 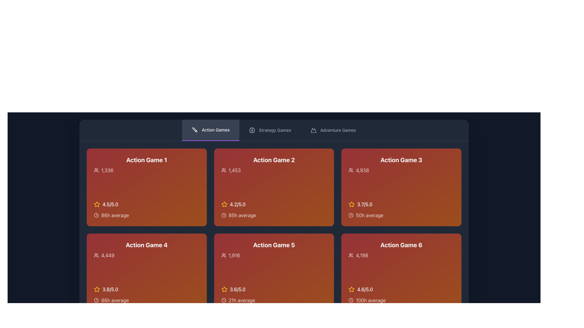 What do you see at coordinates (237, 289) in the screenshot?
I see `the rating score displayed as a fraction in the text display located towards the bottom left corner of the 'Action Game 5' card, beneath the numeric user count` at bounding box center [237, 289].